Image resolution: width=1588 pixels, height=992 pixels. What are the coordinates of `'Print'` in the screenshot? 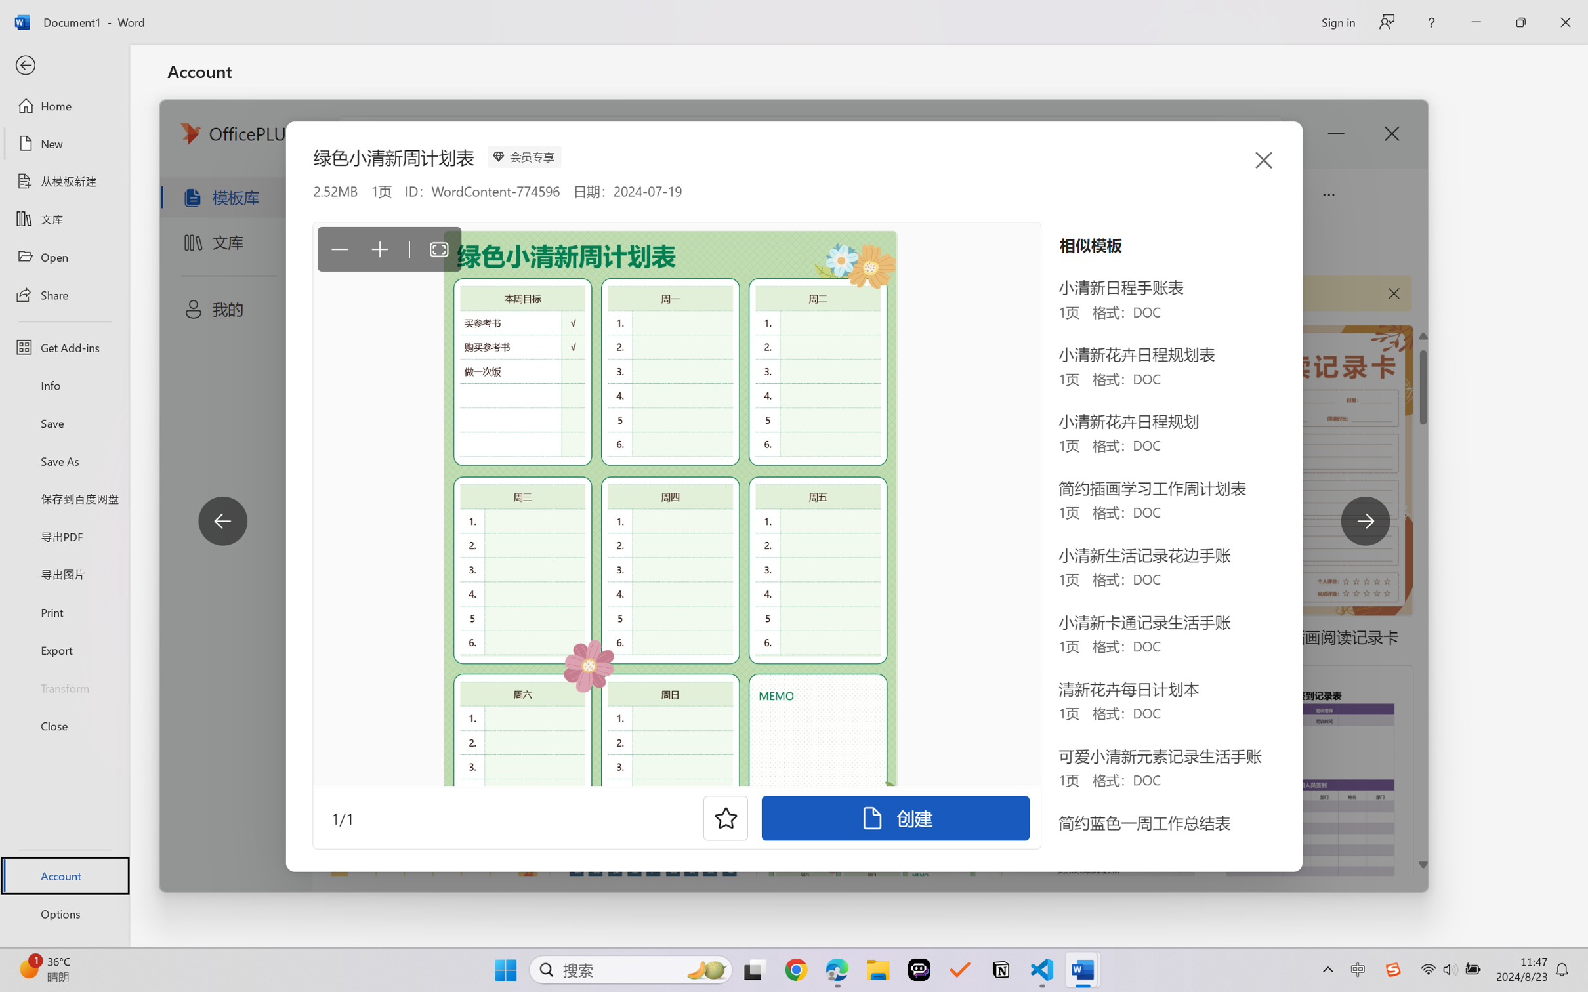 It's located at (64, 612).